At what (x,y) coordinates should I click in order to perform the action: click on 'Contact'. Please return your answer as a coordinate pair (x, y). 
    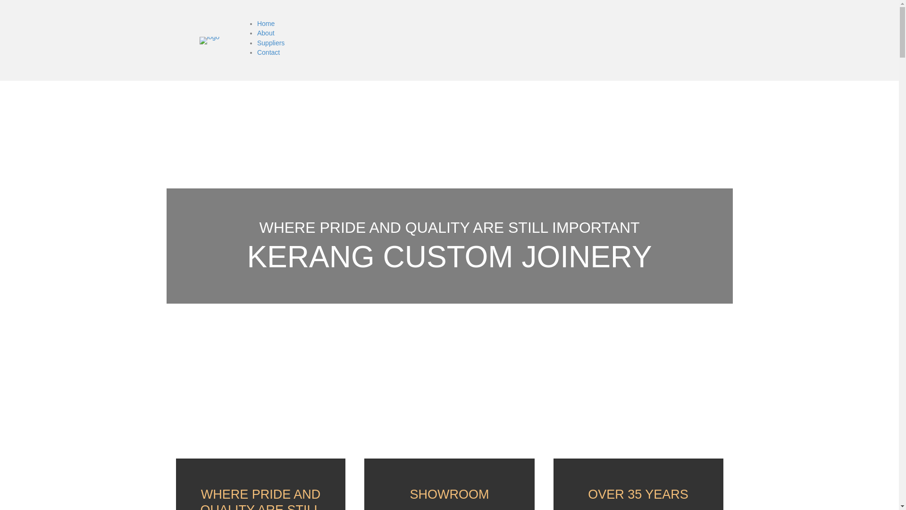
    Looking at the image, I should click on (268, 52).